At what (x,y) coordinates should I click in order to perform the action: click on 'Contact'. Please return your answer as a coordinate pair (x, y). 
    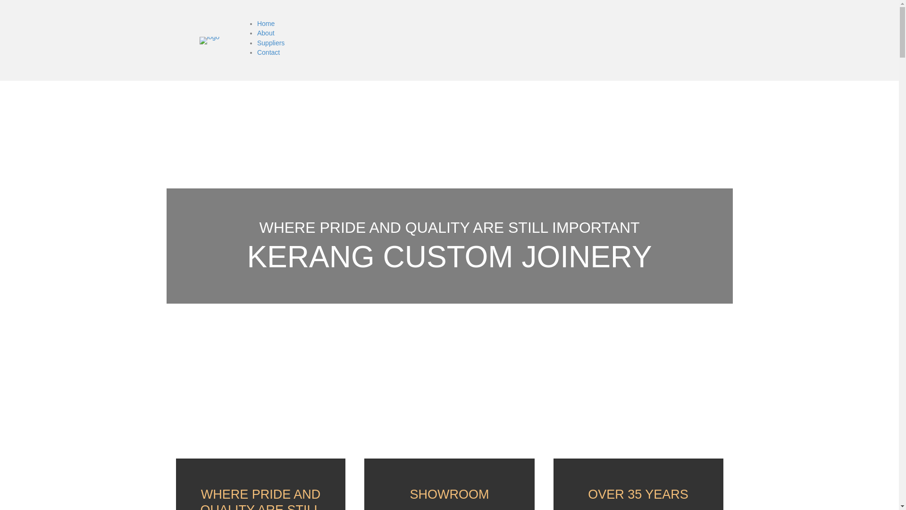
    Looking at the image, I should click on (268, 52).